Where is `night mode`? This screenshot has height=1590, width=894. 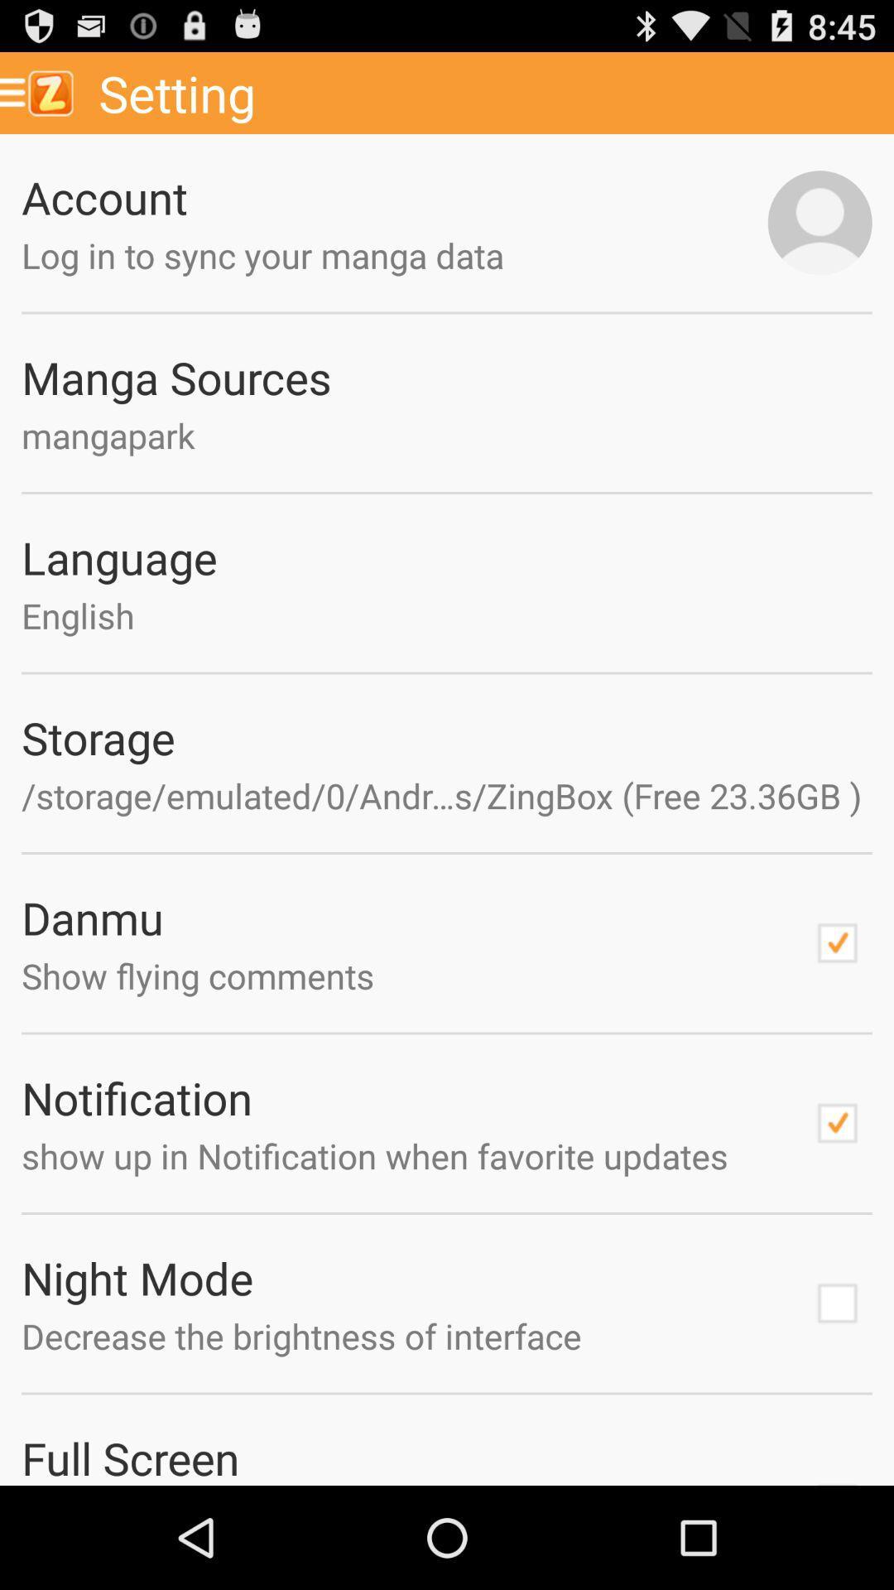
night mode is located at coordinates (837, 1303).